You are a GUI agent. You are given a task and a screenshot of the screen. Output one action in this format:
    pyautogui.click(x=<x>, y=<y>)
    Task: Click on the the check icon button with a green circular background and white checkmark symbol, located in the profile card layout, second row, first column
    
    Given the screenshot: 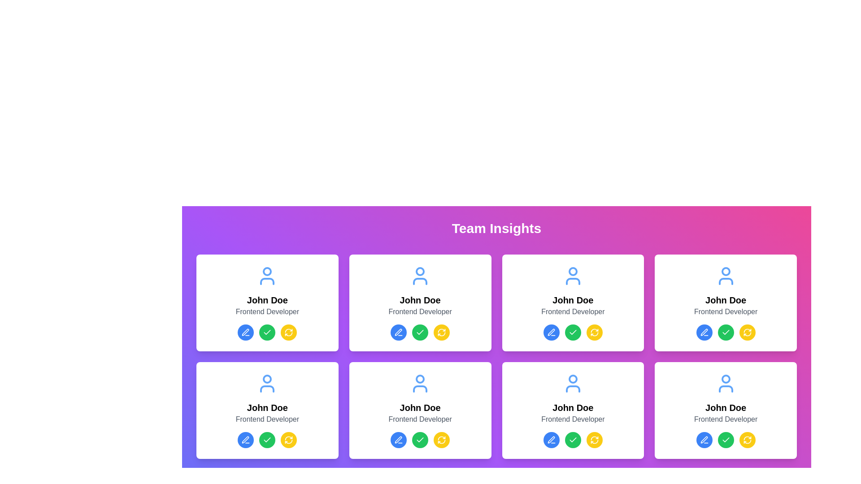 What is the action you would take?
    pyautogui.click(x=267, y=332)
    